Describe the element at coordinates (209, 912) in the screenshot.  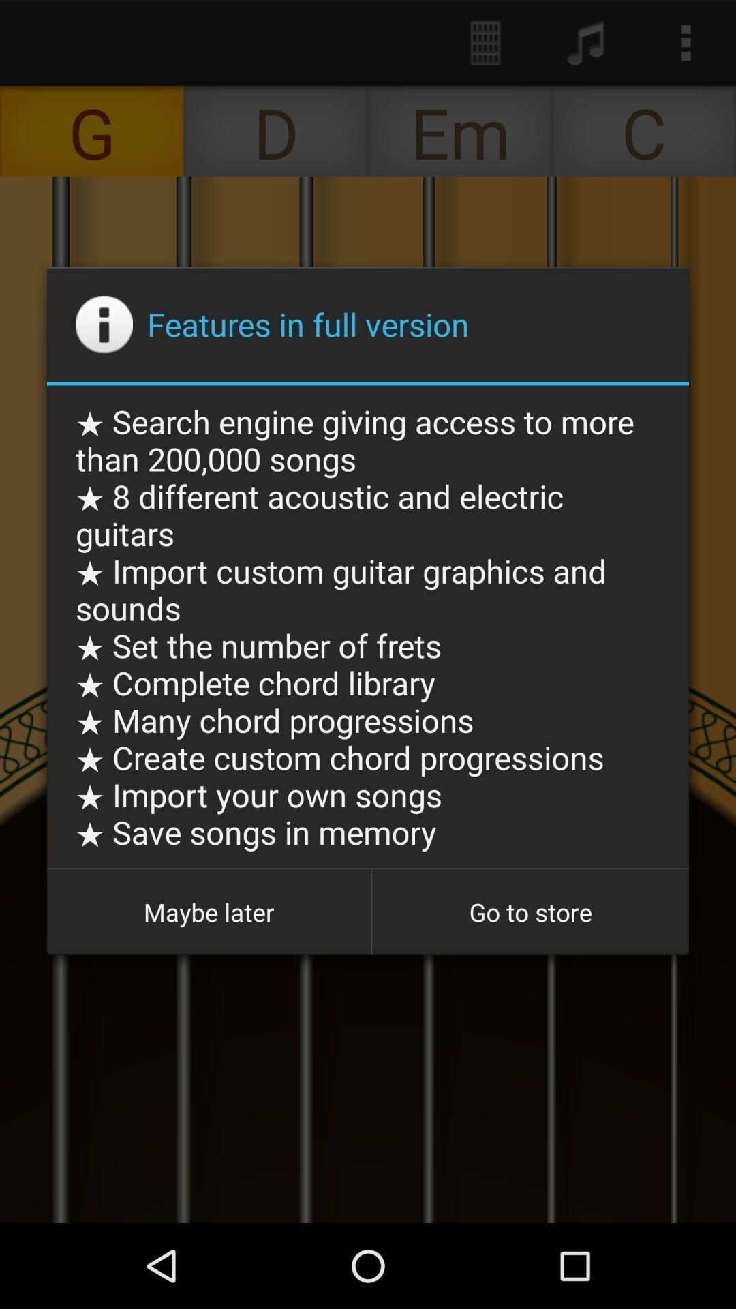
I see `the app below search engine giving` at that location.